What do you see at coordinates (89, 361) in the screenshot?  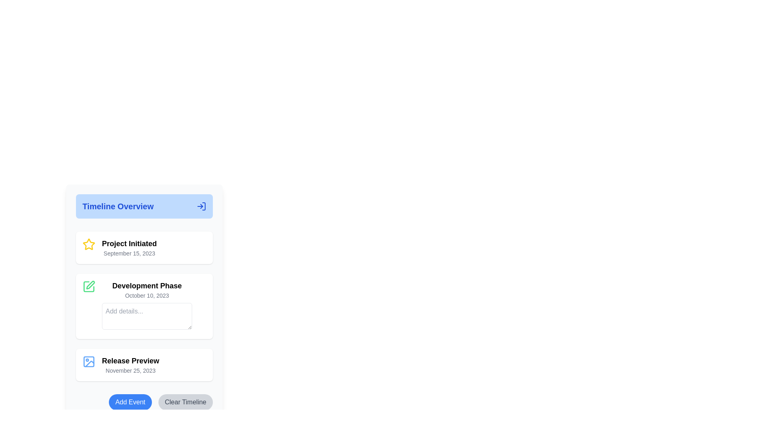 I see `the blue-colored image icon with a thin border, located at the top-left corner of the 'Release Preview' entry in the 'Timeline Overview' section` at bounding box center [89, 361].